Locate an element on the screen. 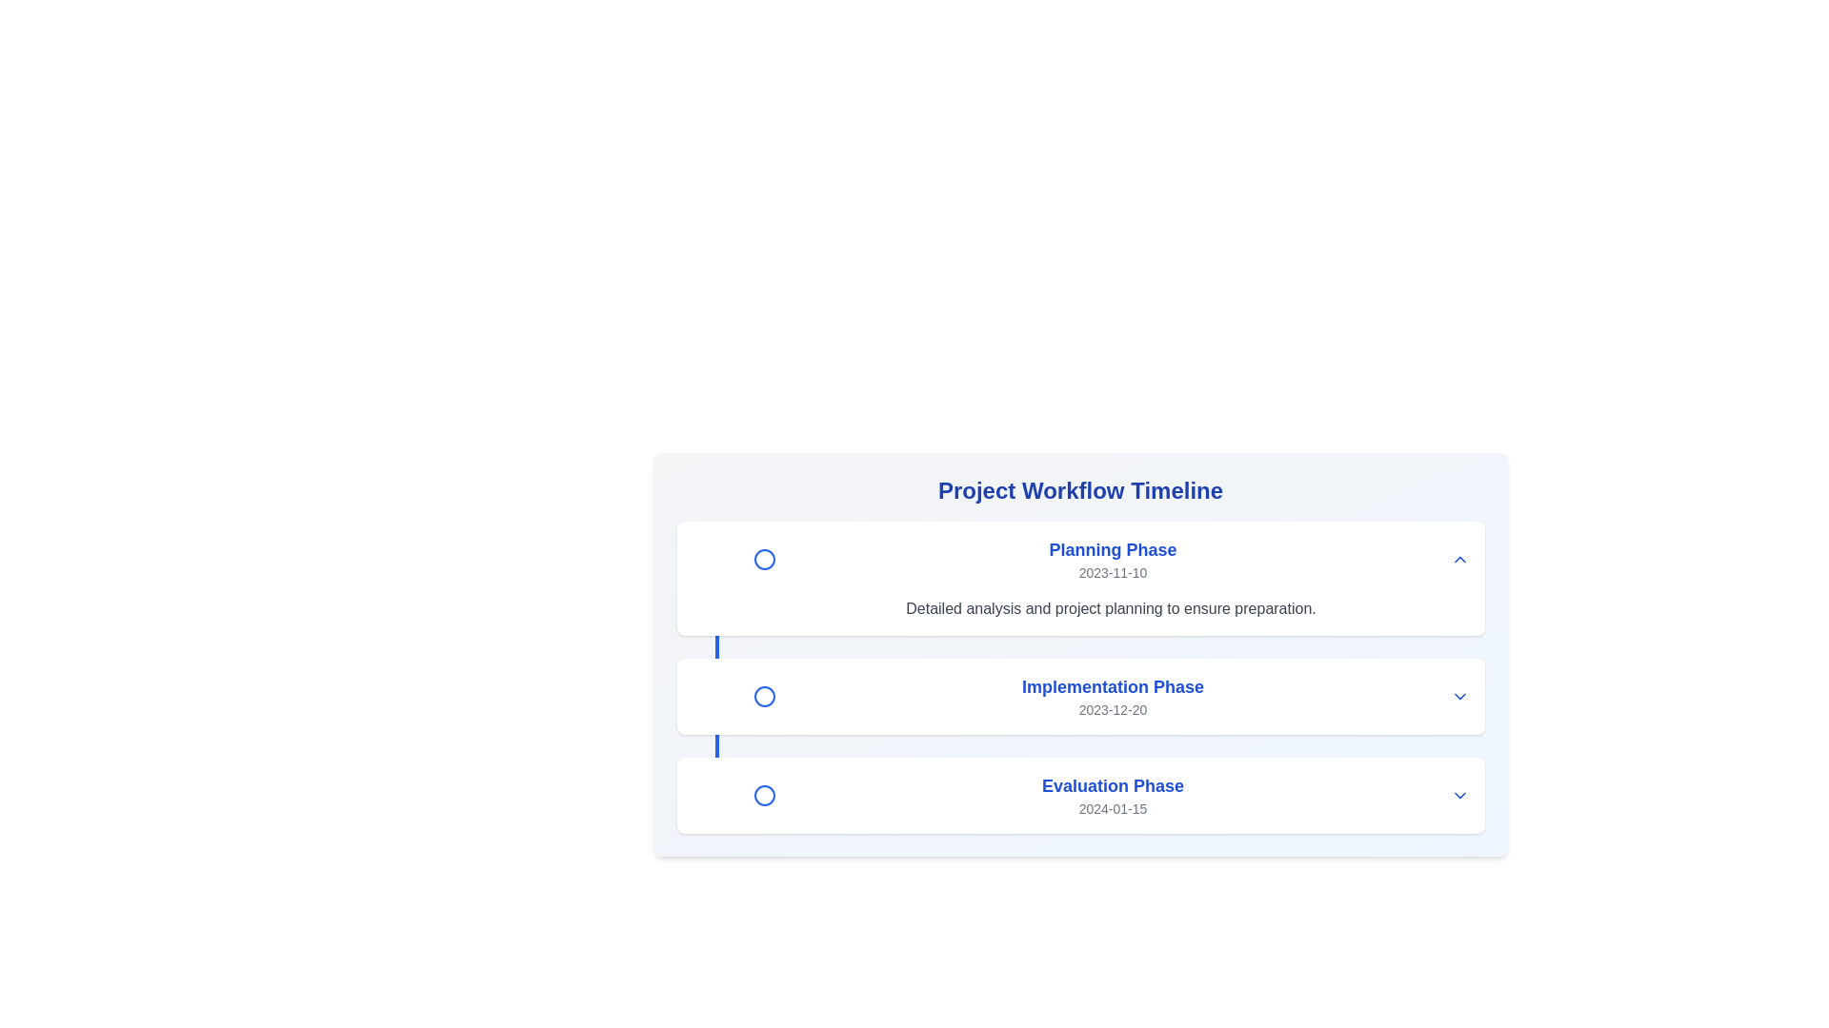  the SVG Circle Element, which is a simple circular shape located in the timeline section, acting as a marker for the 'Planning Phase' section is located at coordinates (764, 558).